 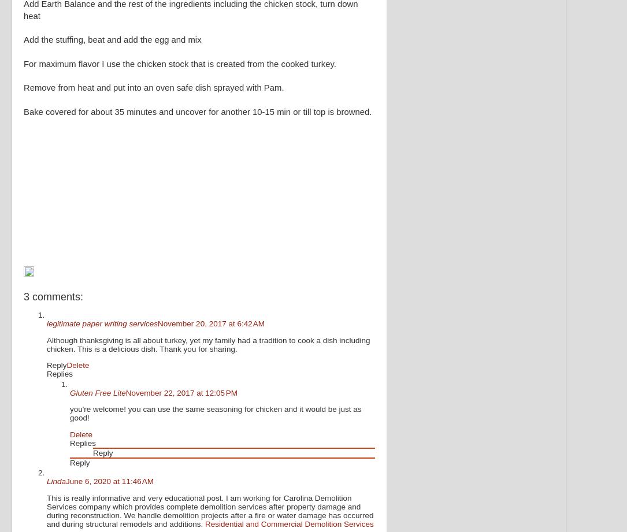 I want to click on '3 comments:', so click(x=53, y=295).